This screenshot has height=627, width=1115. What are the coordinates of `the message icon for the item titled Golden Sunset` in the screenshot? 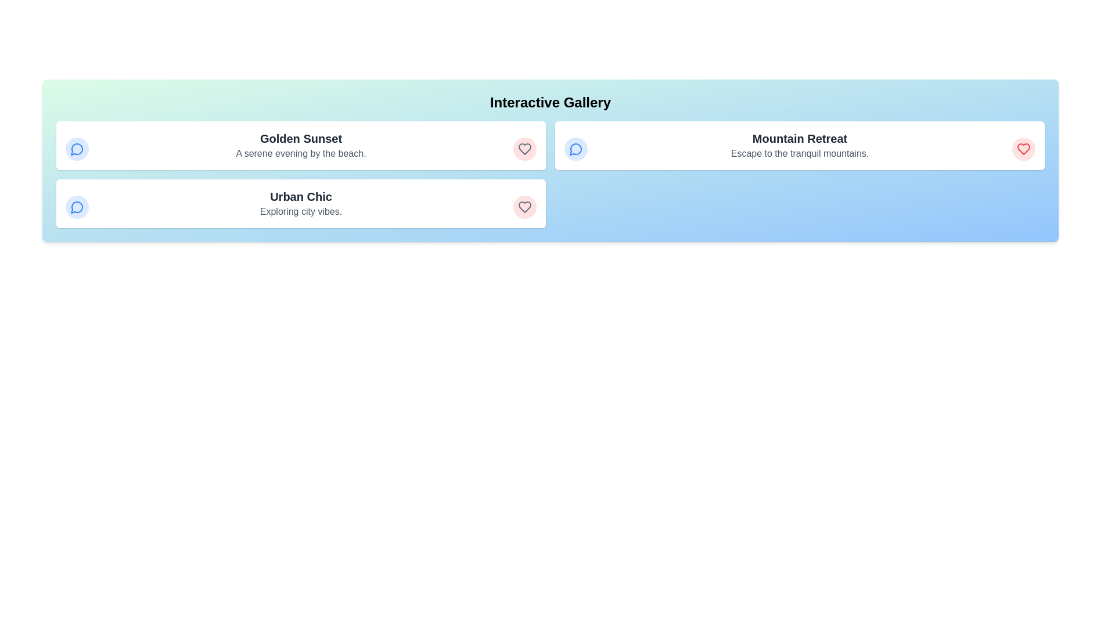 It's located at (77, 149).